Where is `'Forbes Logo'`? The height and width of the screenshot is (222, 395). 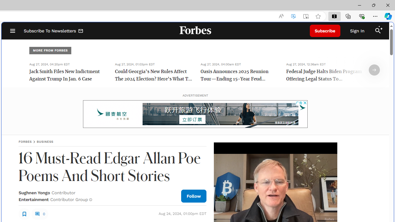
'Forbes Logo' is located at coordinates (195, 31).